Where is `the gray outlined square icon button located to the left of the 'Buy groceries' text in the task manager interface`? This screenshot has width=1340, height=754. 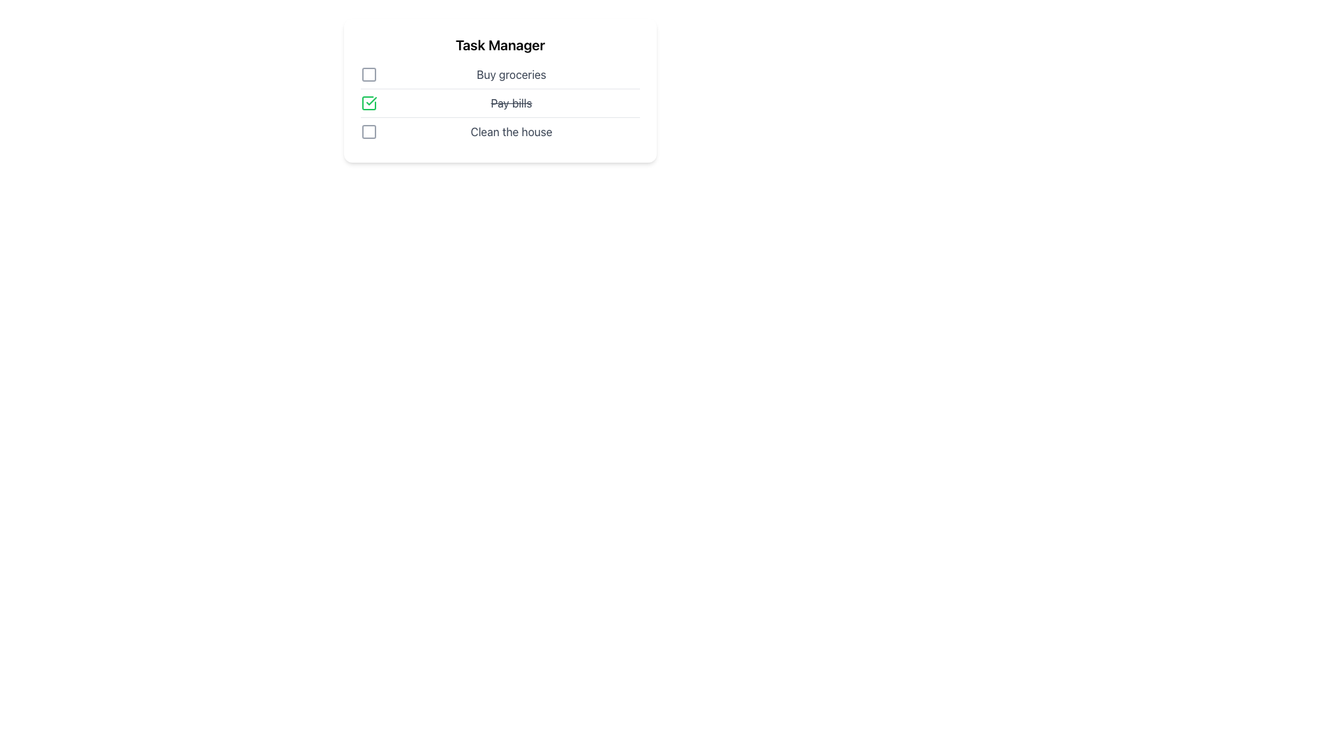
the gray outlined square icon button located to the left of the 'Buy groceries' text in the task manager interface is located at coordinates (368, 75).